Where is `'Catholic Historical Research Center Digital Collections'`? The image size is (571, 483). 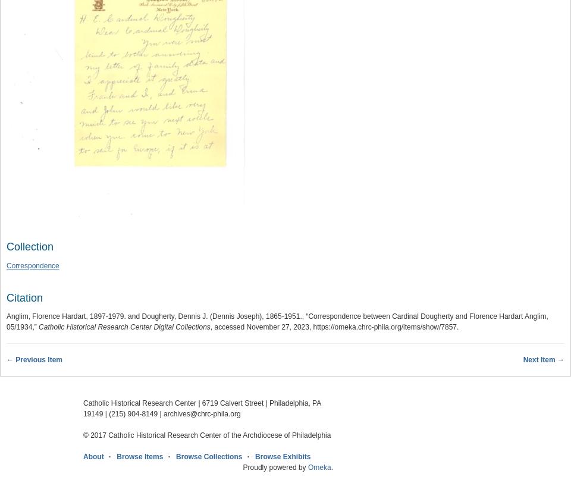
'Catholic Historical Research Center Digital Collections' is located at coordinates (124, 327).